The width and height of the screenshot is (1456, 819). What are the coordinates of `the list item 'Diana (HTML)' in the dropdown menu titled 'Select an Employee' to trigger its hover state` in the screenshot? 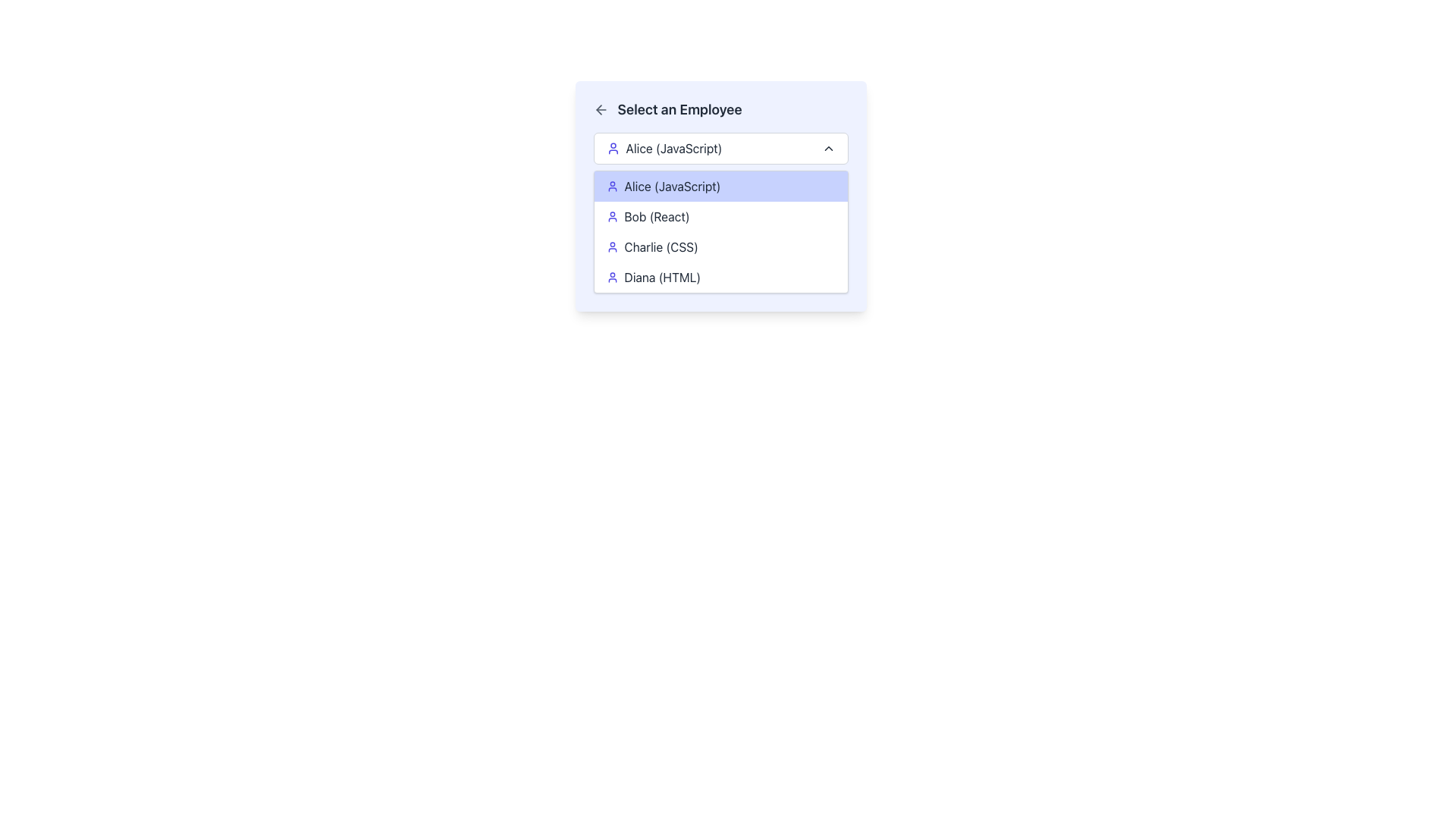 It's located at (720, 278).